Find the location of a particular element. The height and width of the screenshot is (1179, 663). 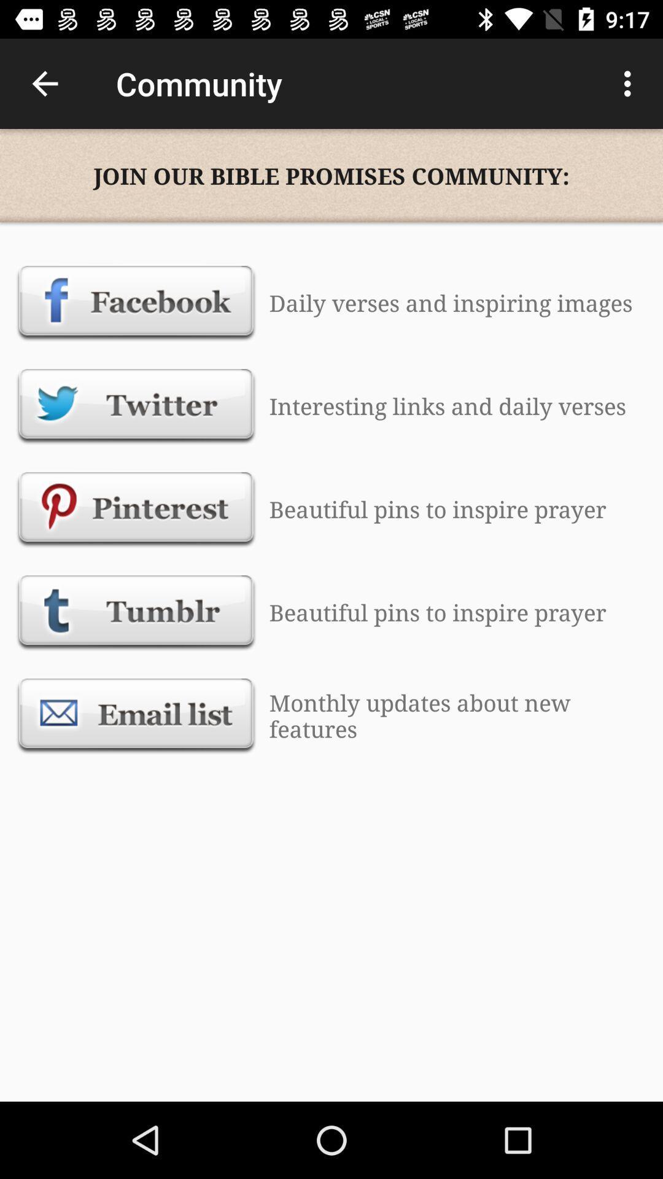

pinterest button is located at coordinates (136, 510).